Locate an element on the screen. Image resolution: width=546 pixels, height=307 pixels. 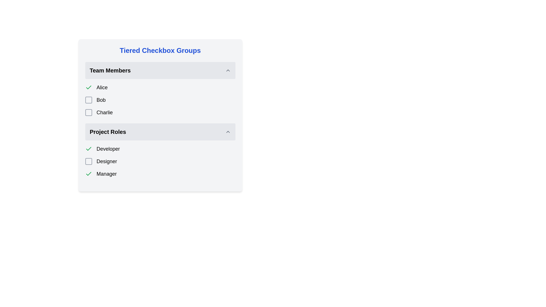
the role text 'Designer' in the checkbox group item by navigating to its center point is located at coordinates (160, 161).